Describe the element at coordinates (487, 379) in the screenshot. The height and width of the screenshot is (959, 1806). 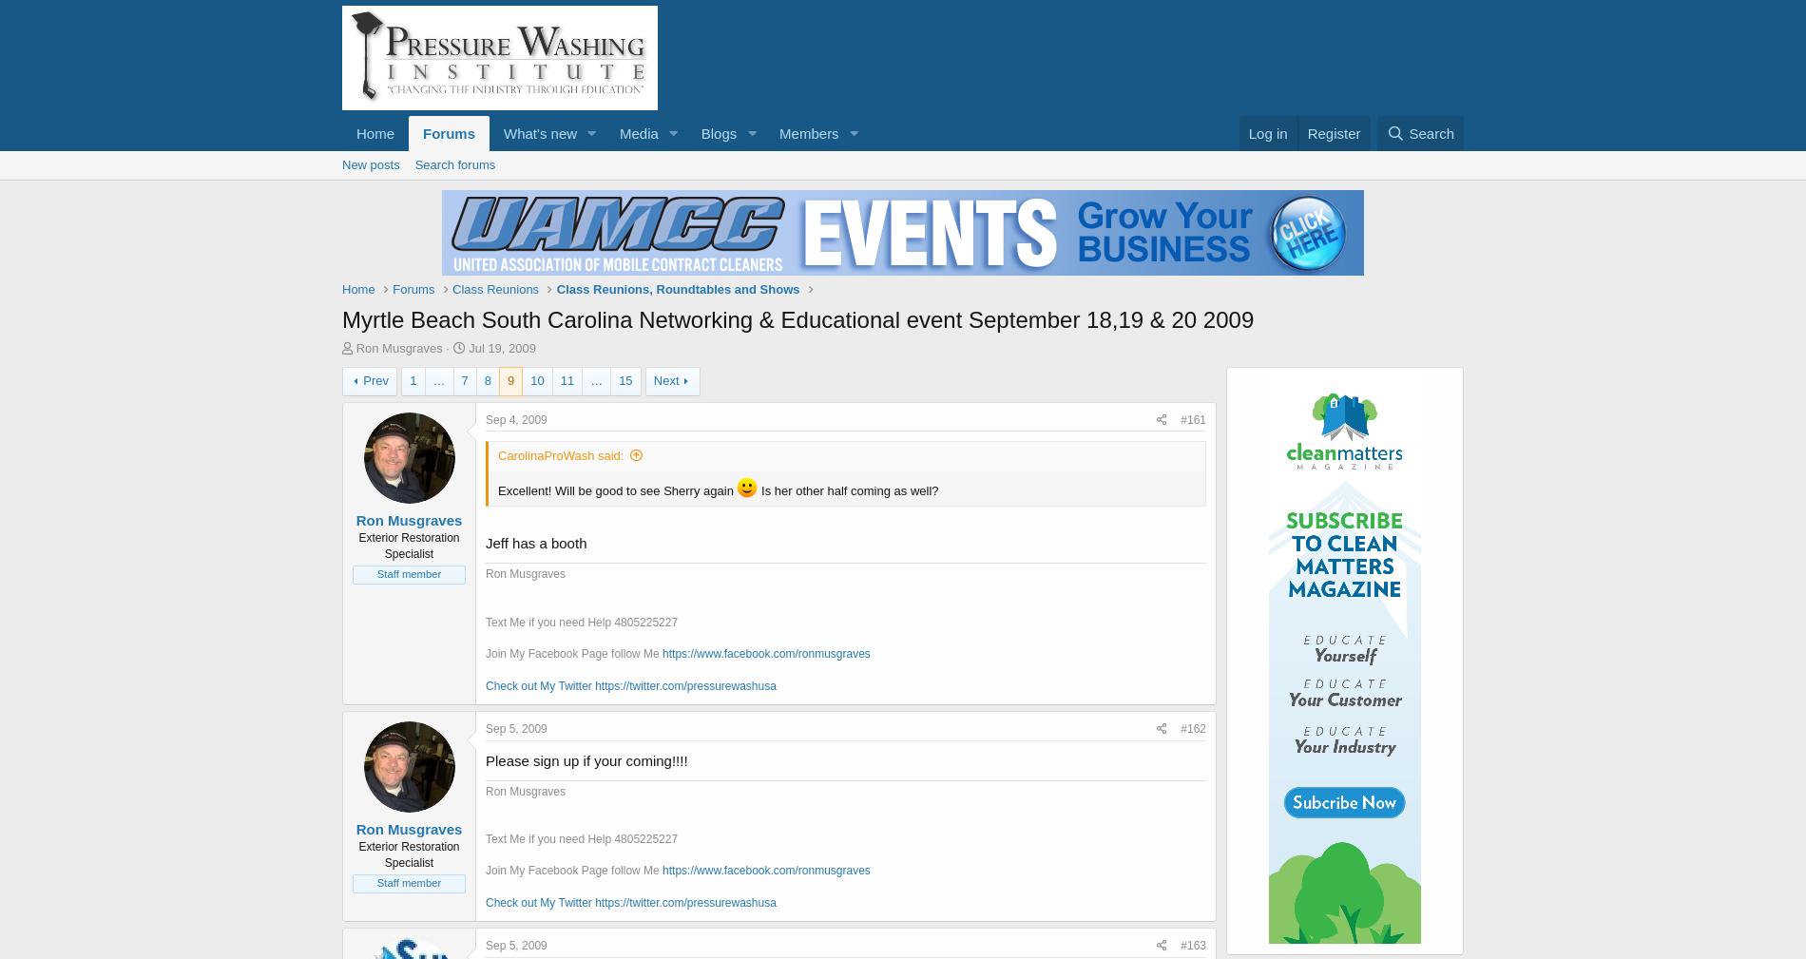
I see `'8'` at that location.